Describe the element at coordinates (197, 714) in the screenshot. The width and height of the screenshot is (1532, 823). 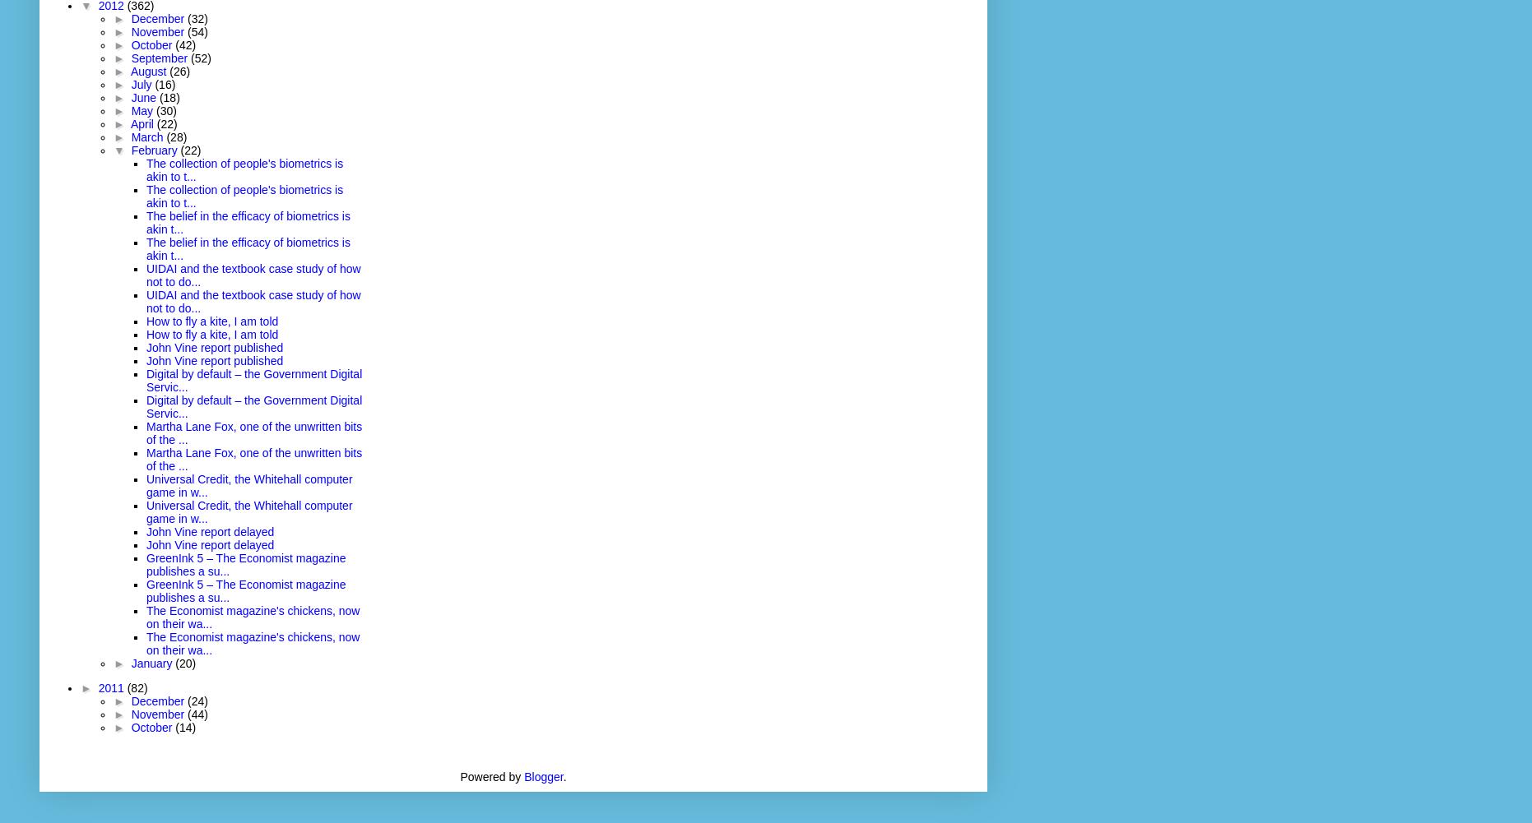
I see `'(44)'` at that location.